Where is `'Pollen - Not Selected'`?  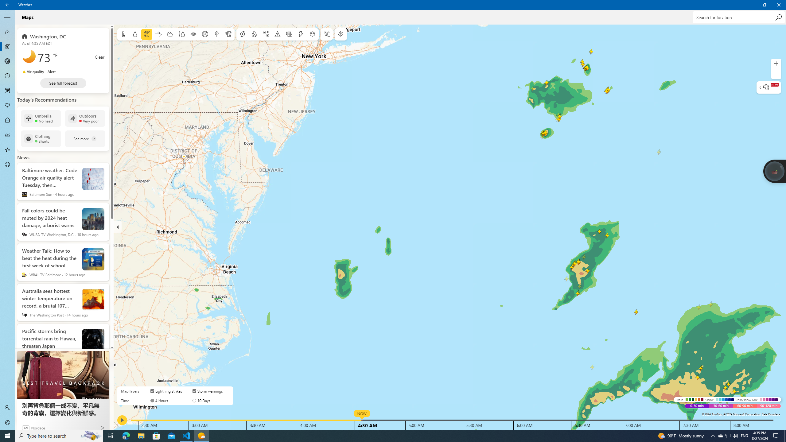
'Pollen - Not Selected' is located at coordinates (7, 106).